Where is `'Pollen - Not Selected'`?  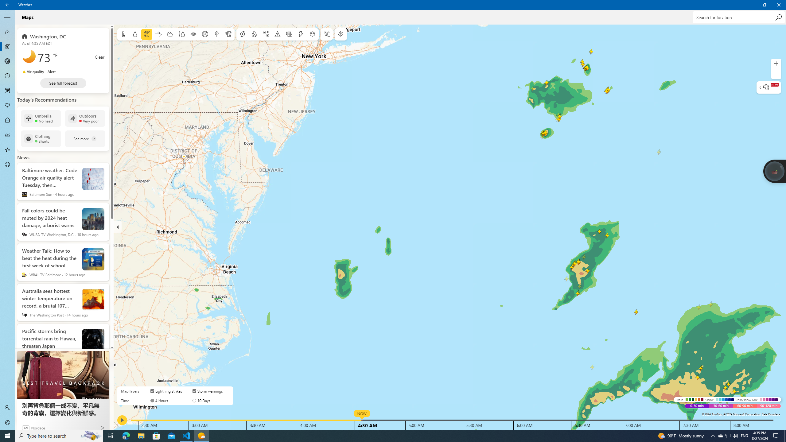
'Pollen - Not Selected' is located at coordinates (7, 106).